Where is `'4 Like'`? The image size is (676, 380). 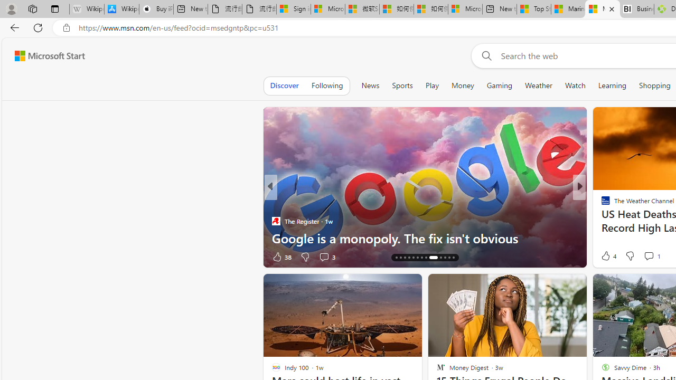
'4 Like' is located at coordinates (608, 255).